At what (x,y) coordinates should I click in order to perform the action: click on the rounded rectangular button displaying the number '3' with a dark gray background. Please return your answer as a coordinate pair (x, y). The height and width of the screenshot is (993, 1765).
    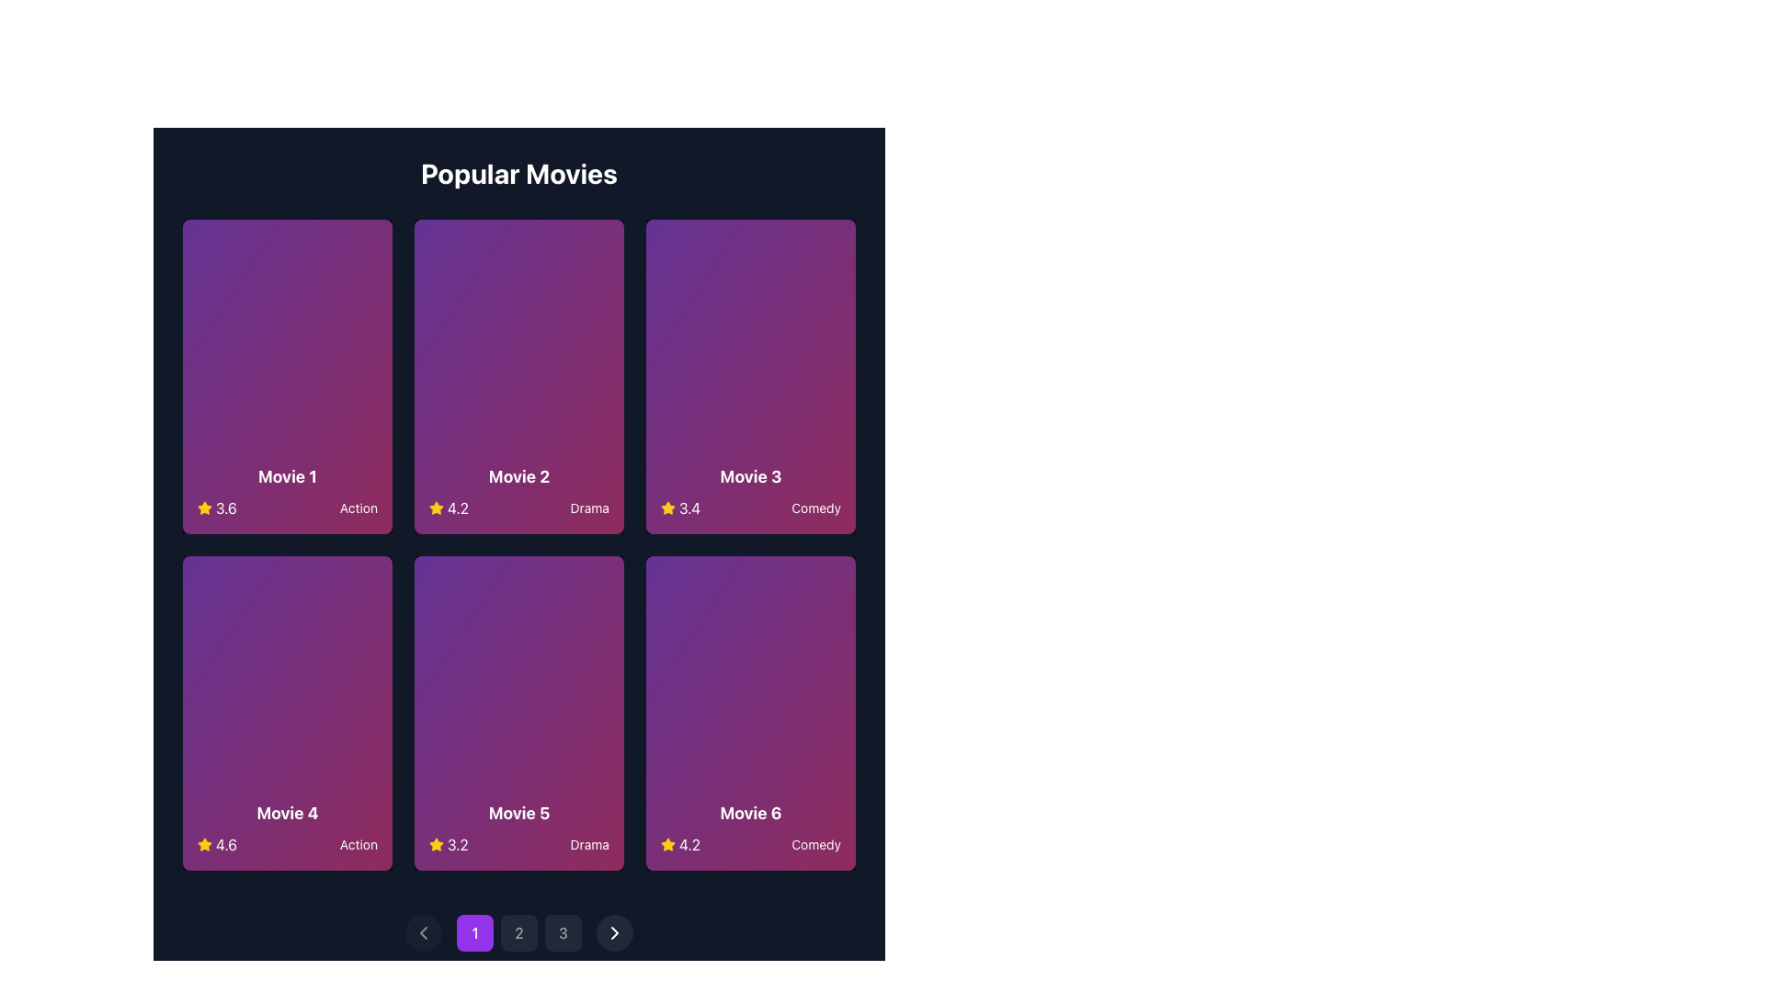
    Looking at the image, I should click on (563, 932).